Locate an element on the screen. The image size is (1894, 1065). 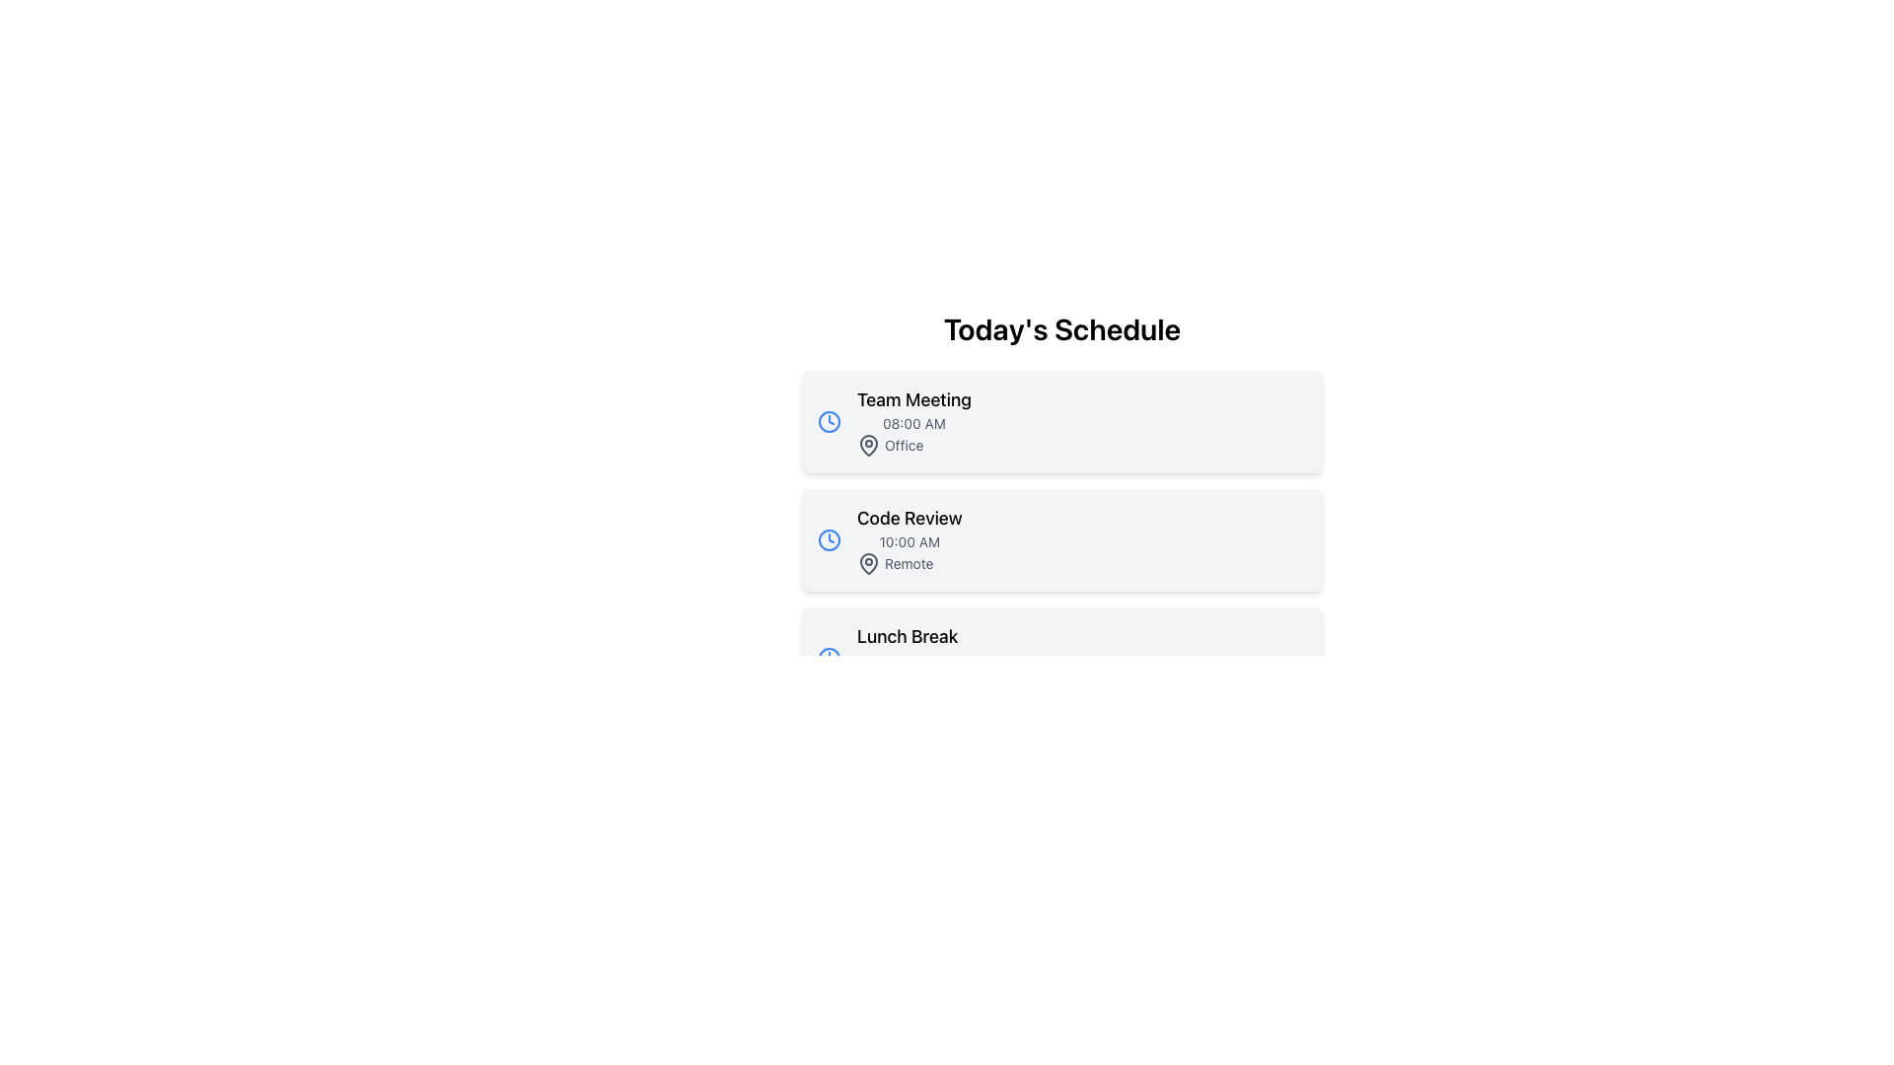
the Information display component that shows detailed information about a calendar event, positioned as the first entry under 'Today's Schedule.' is located at coordinates (912, 421).